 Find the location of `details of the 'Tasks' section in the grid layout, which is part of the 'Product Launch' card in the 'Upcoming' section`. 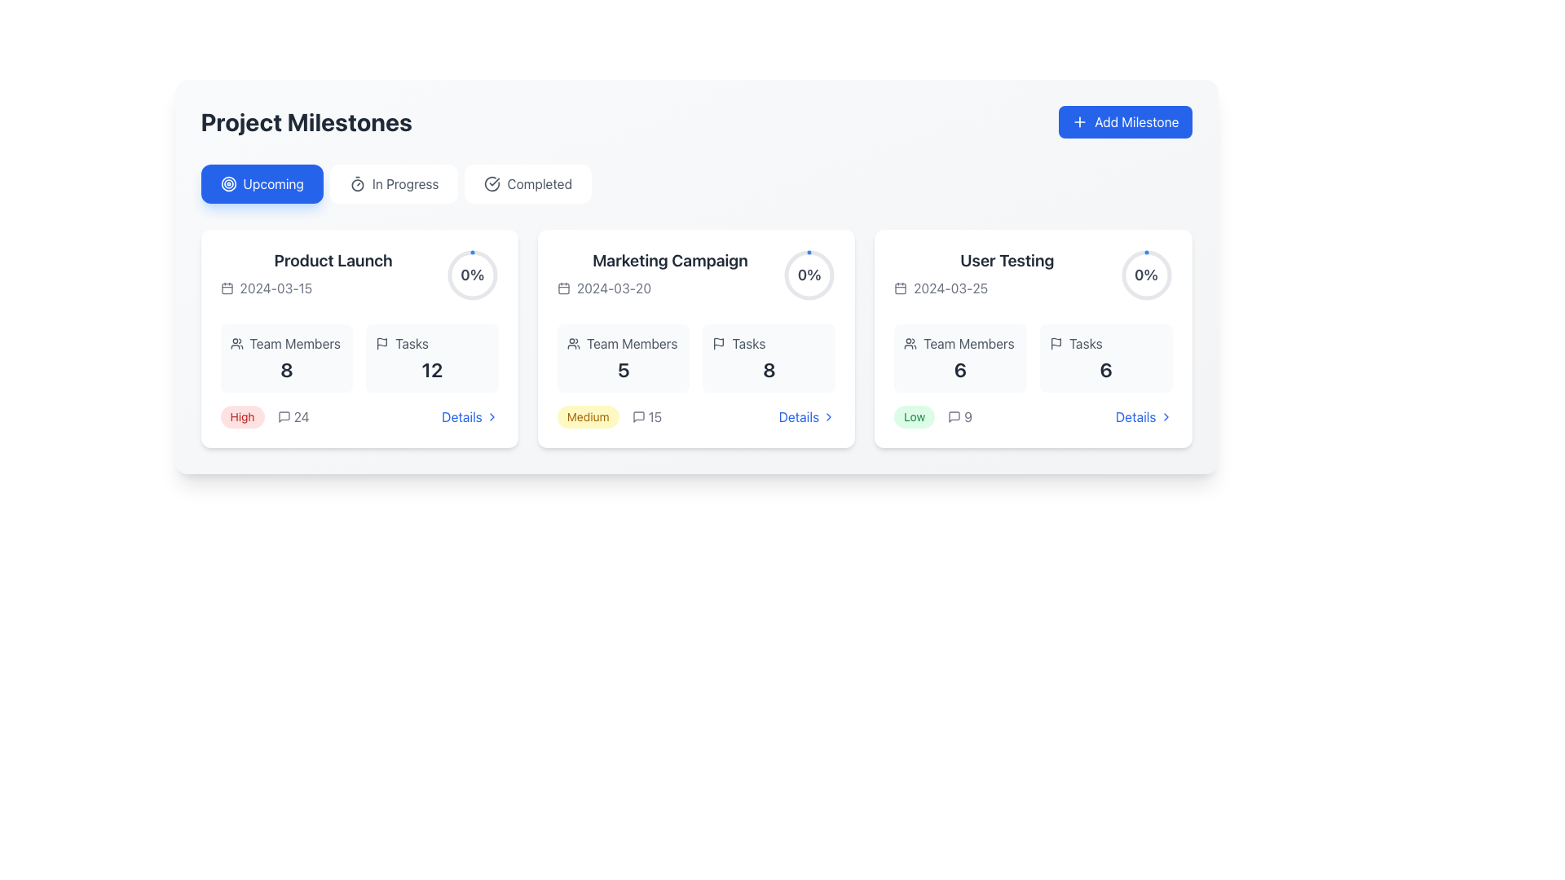

details of the 'Tasks' section in the grid layout, which is part of the 'Product Launch' card in the 'Upcoming' section is located at coordinates (359, 357).